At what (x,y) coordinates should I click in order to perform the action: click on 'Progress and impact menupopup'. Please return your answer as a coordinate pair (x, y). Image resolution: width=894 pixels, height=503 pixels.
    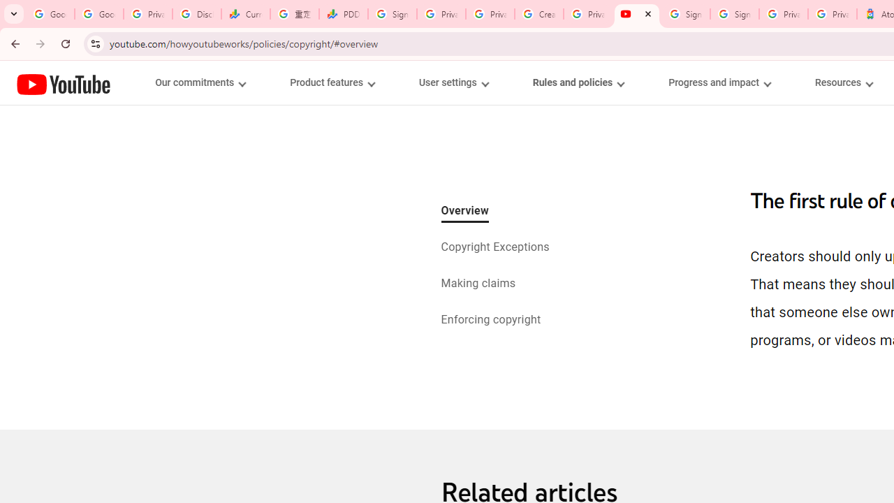
    Looking at the image, I should click on (719, 82).